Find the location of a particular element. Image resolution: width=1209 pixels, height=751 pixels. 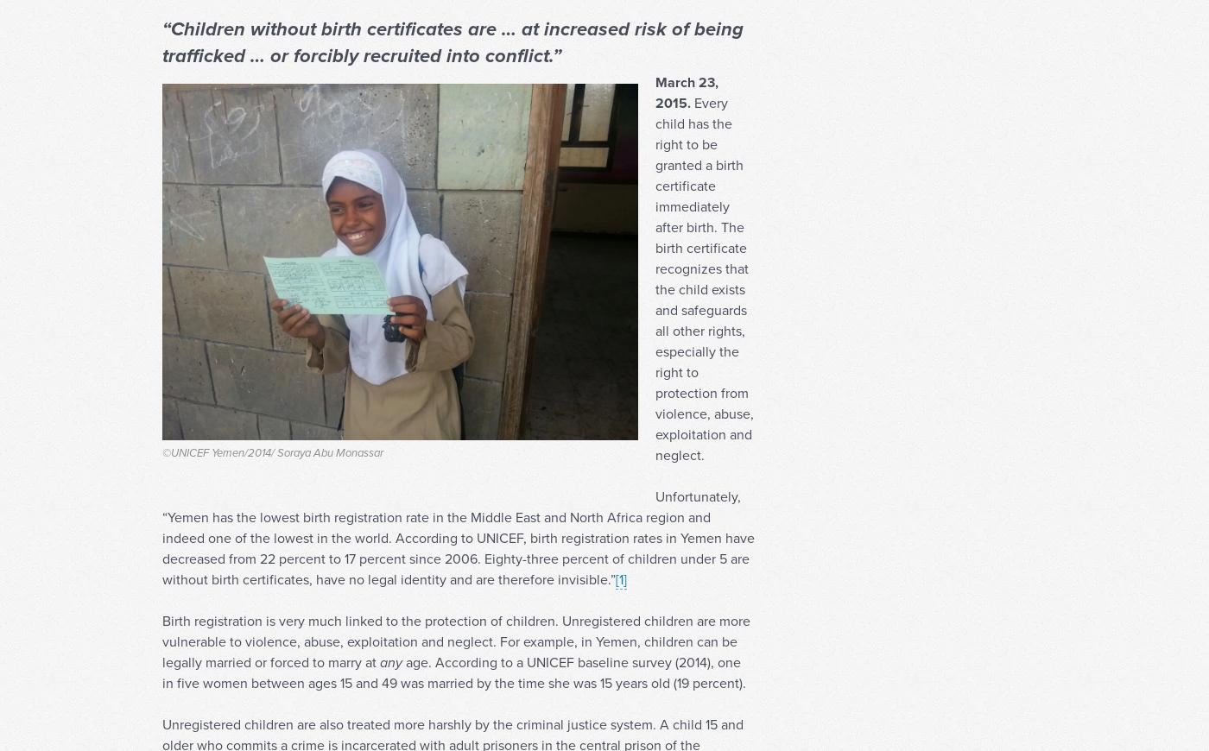

'[1]' is located at coordinates (615, 613).